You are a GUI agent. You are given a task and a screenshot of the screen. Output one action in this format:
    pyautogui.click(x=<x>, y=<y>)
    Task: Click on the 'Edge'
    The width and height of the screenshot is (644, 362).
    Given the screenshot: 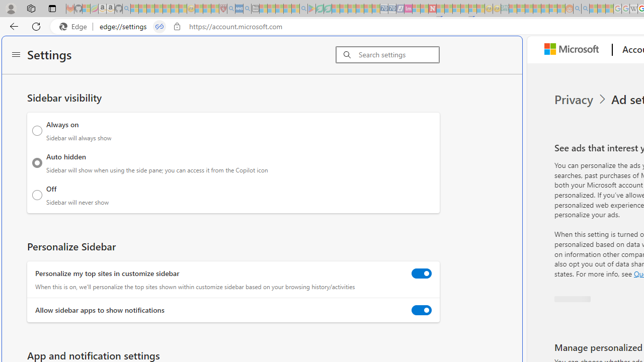 What is the action you would take?
    pyautogui.click(x=75, y=26)
    